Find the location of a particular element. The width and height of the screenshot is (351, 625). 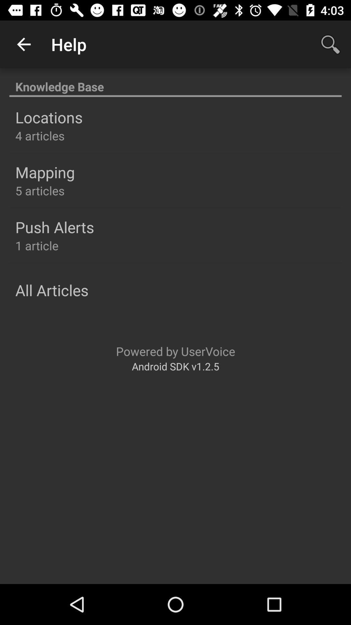

the icon below push alerts item is located at coordinates (37, 245).